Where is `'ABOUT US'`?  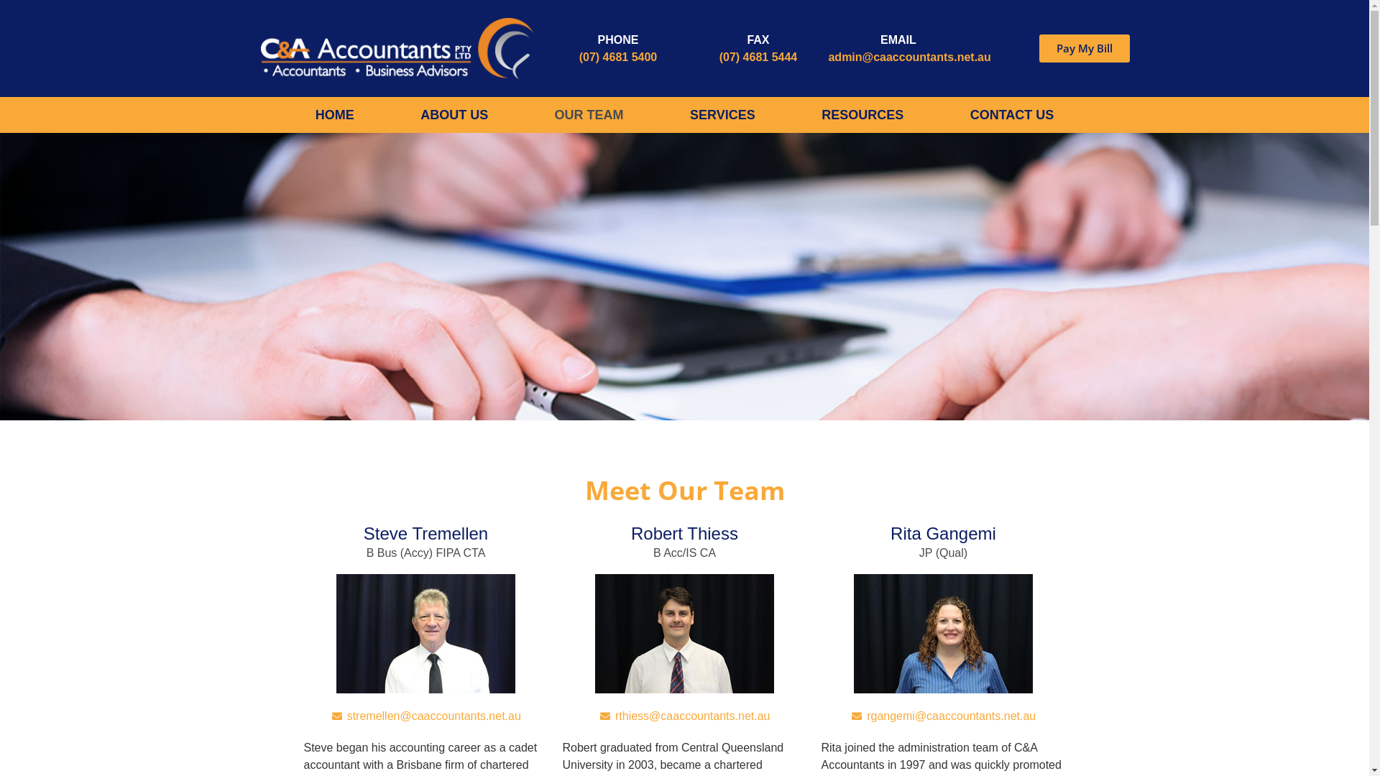
'ABOUT US' is located at coordinates (454, 114).